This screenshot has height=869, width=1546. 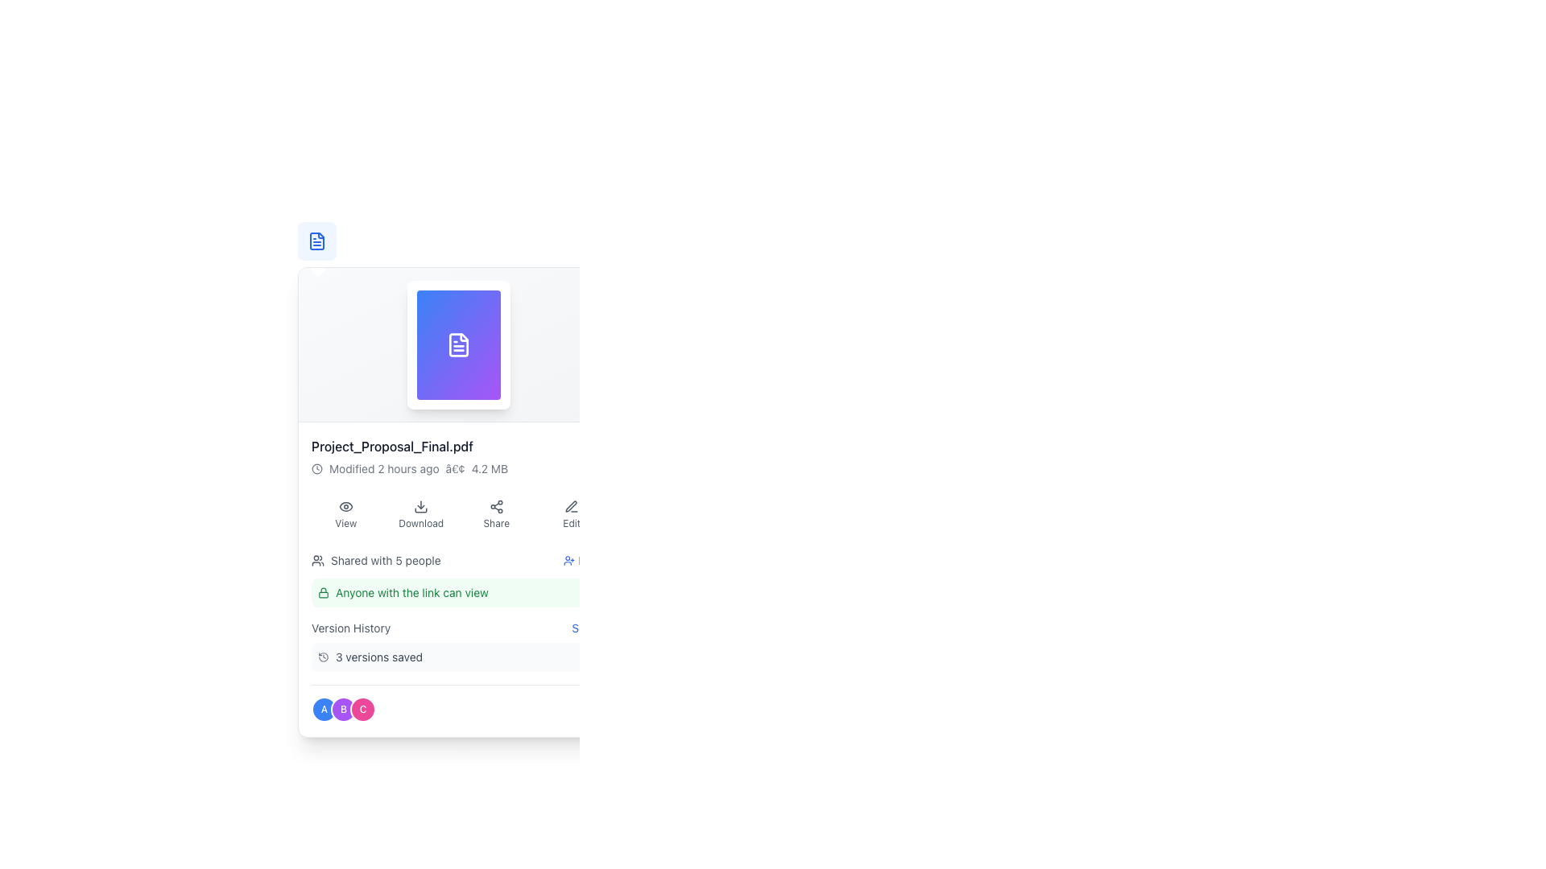 What do you see at coordinates (378, 657) in the screenshot?
I see `the static label displaying '3 versions saved', which is styled in gray color and located in the 'Version History' section, to the right of a clock icon` at bounding box center [378, 657].